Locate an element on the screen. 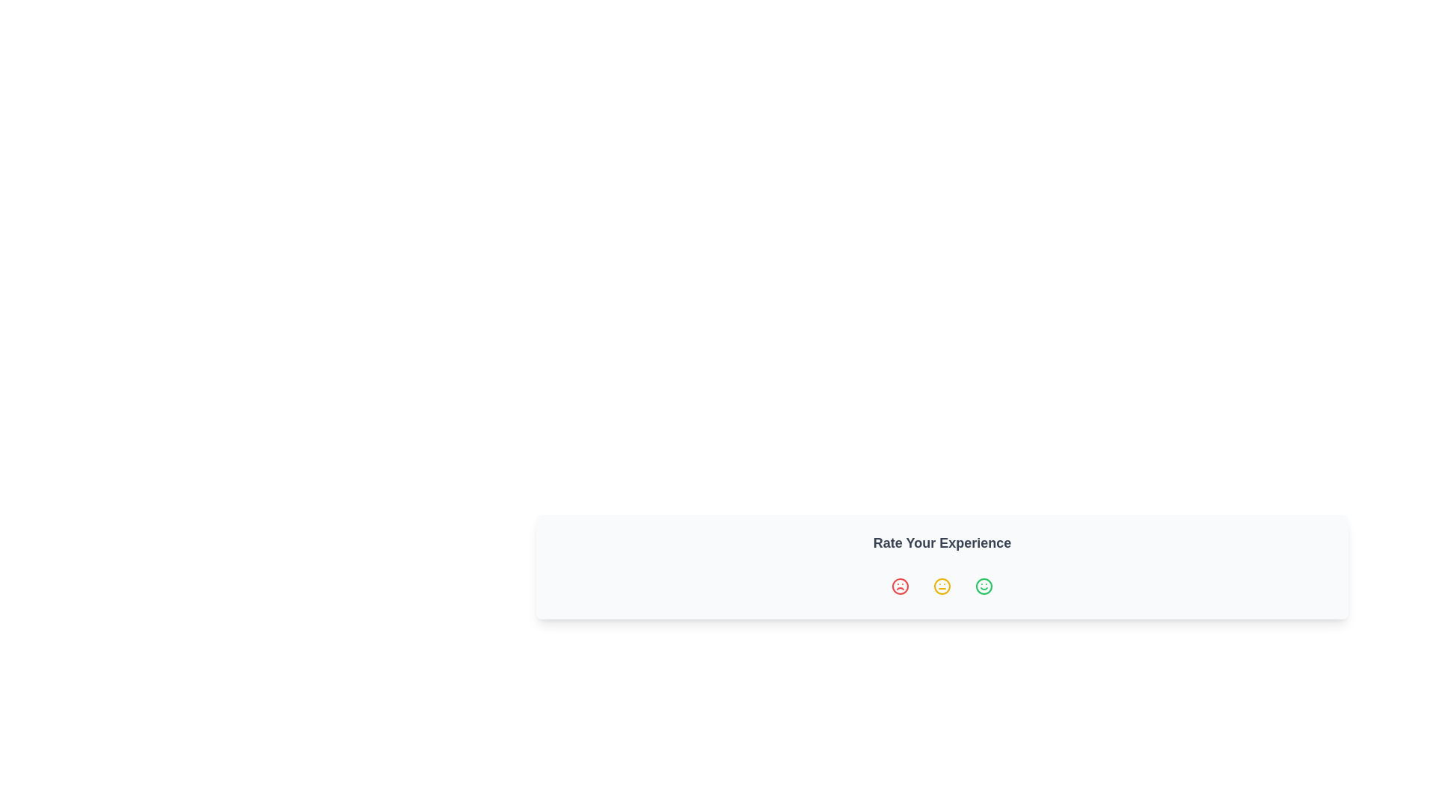  the neutral face icon representing the middle satisfaction level in the 'Rate Your Experience' section is located at coordinates (941, 586).